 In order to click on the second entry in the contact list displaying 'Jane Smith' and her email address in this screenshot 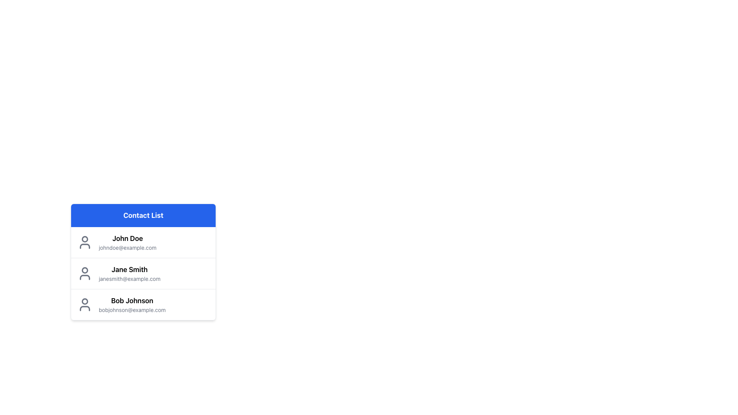, I will do `click(143, 273)`.